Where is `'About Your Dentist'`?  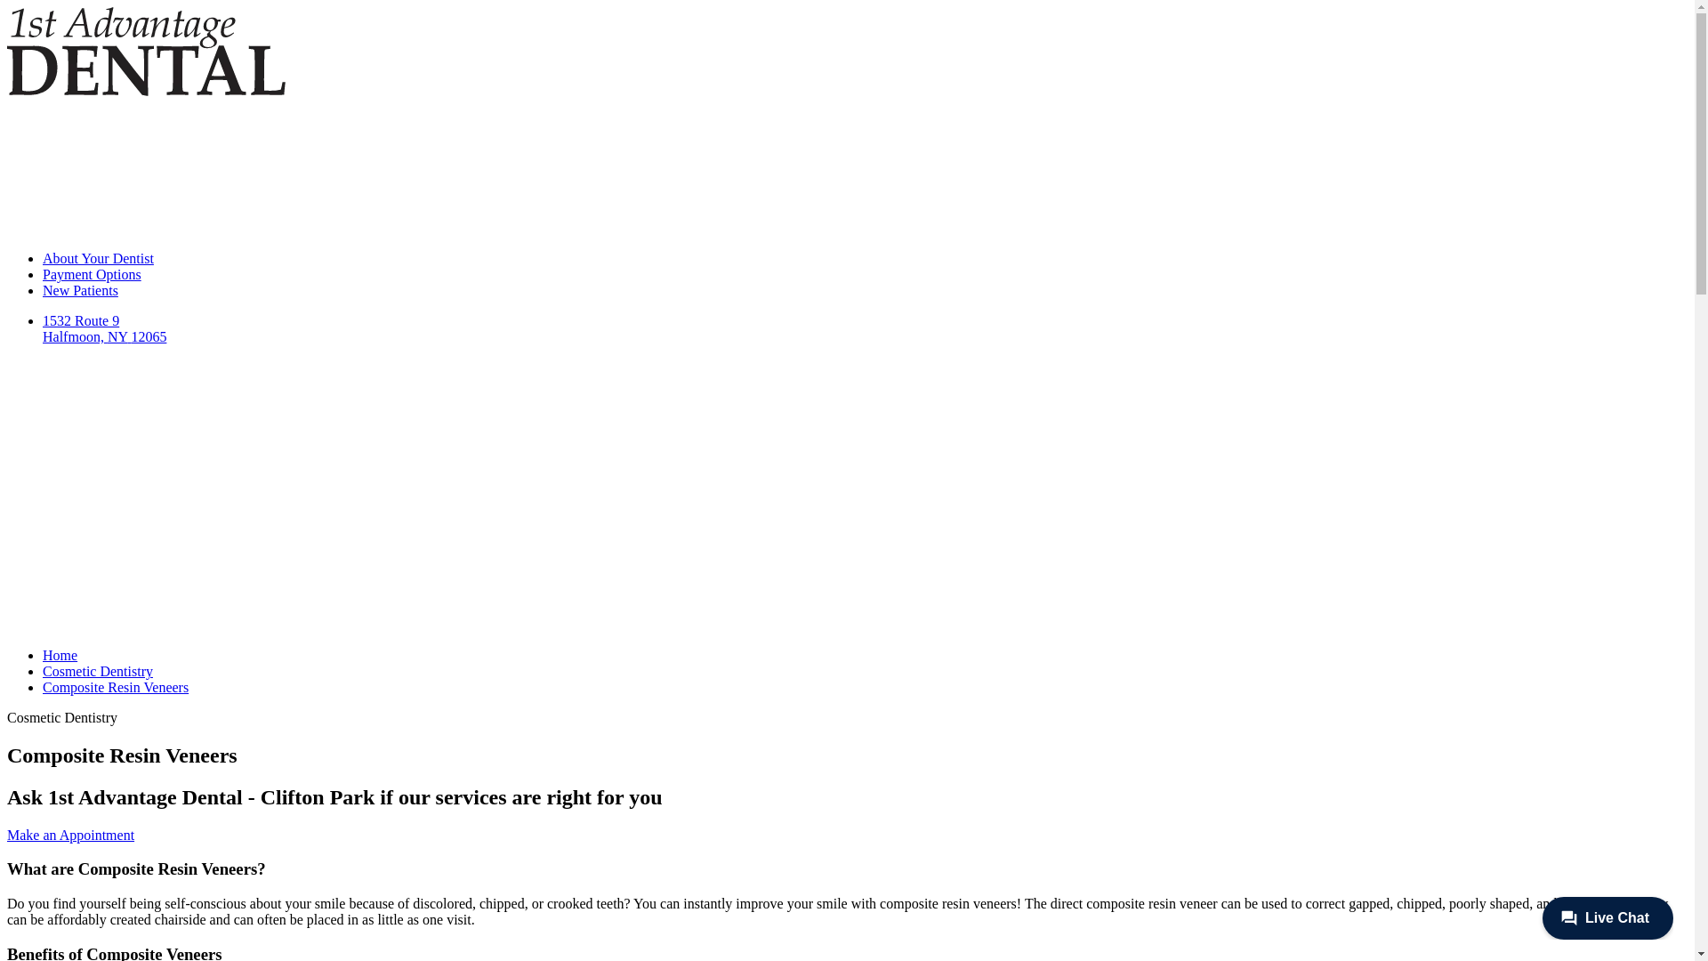
'About Your Dentist' is located at coordinates (97, 258).